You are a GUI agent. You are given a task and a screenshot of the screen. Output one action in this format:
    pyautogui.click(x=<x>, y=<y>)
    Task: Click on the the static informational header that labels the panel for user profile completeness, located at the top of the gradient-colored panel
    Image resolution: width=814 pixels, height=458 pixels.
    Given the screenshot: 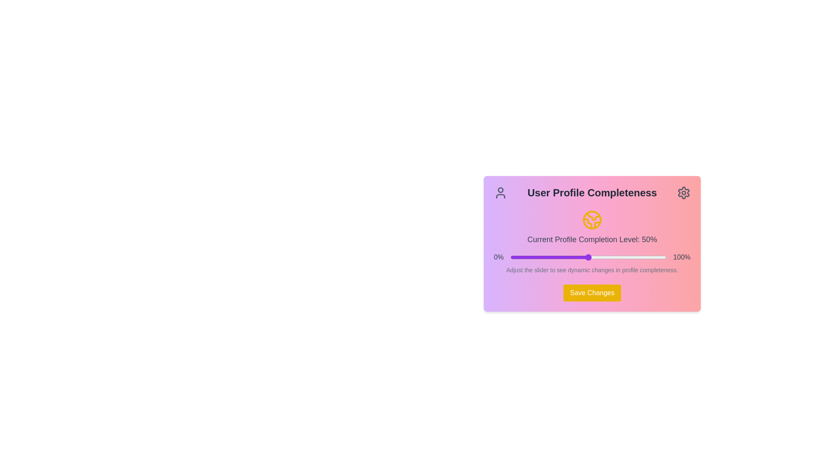 What is the action you would take?
    pyautogui.click(x=591, y=193)
    